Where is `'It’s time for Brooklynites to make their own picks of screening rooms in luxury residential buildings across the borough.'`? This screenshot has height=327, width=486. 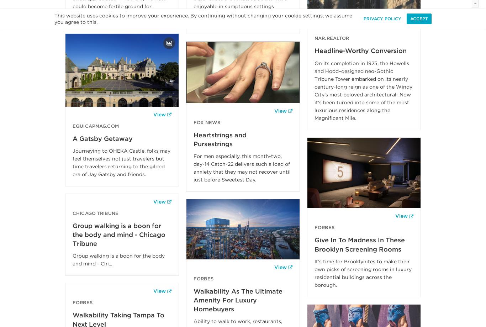 'It’s time for Brooklynites to make their own picks of screening rooms in luxury residential buildings across the borough.' is located at coordinates (363, 273).